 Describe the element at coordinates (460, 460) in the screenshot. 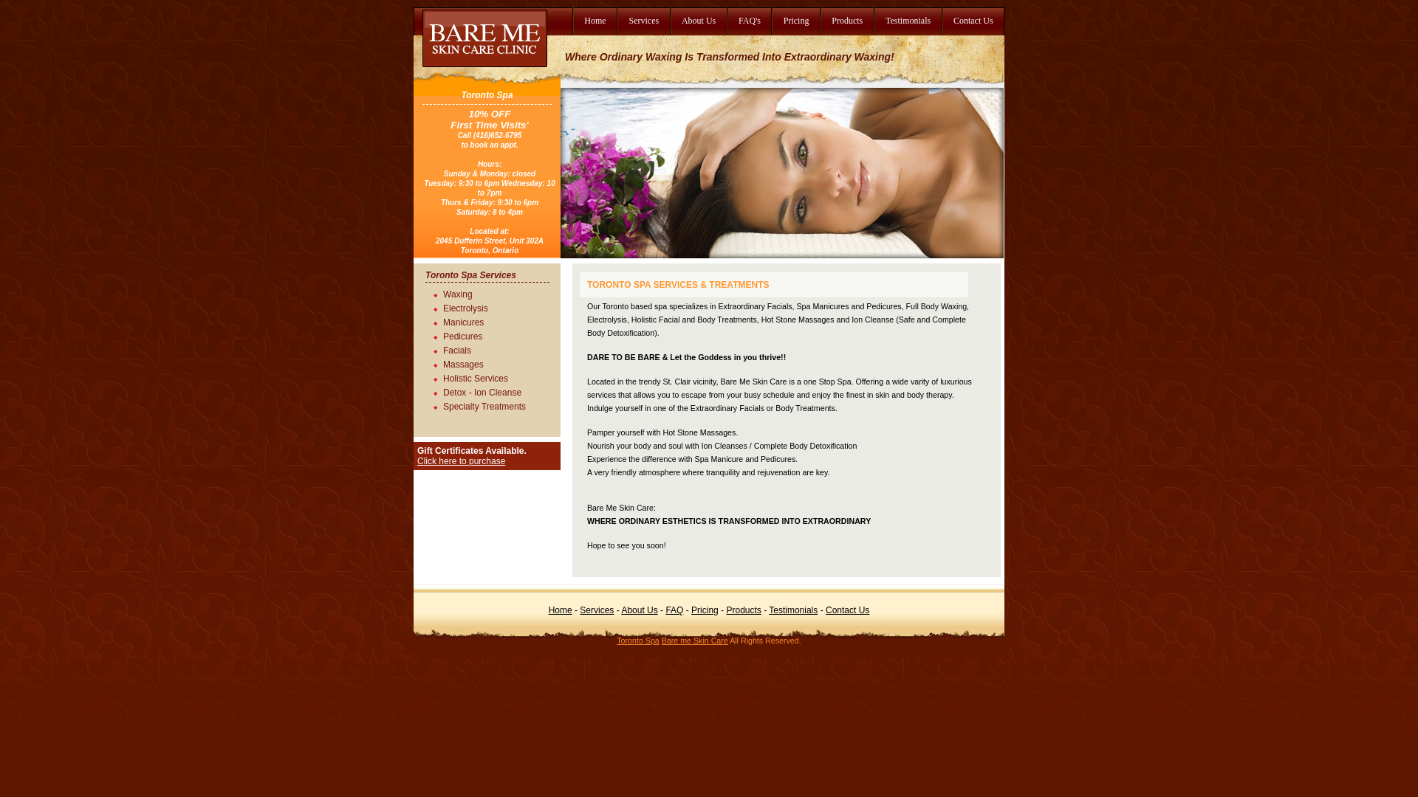

I see `'Click here to purchase'` at that location.